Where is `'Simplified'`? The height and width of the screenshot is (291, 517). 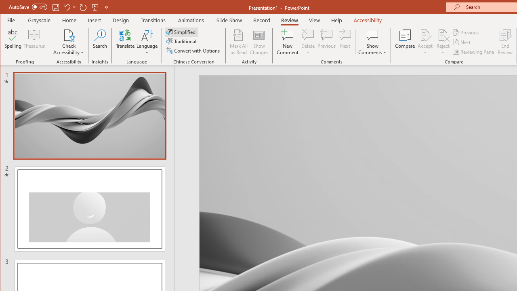 'Simplified' is located at coordinates (181, 32).